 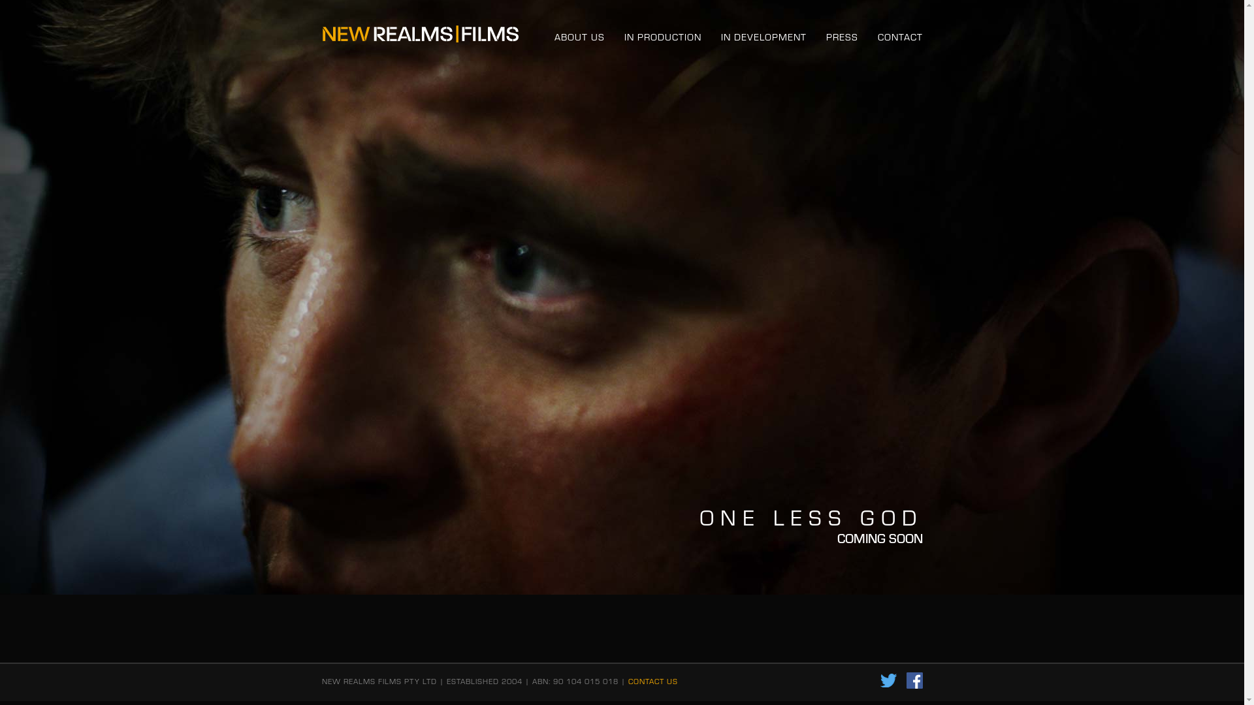 I want to click on 'CONTACT US', so click(x=652, y=680).